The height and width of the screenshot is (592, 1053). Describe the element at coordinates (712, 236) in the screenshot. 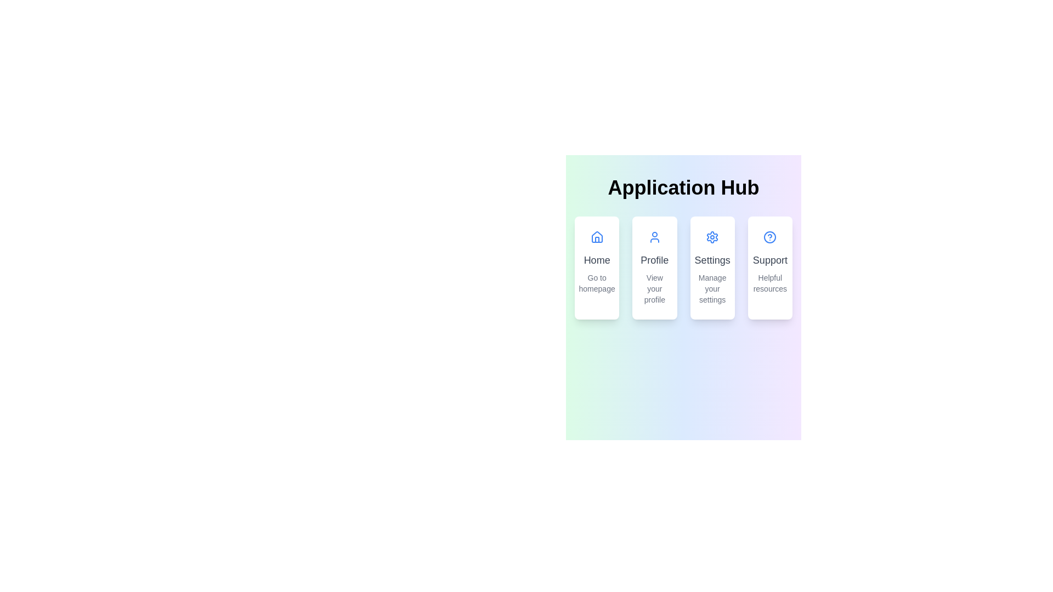

I see `the gear-shaped settings icon located in the third column of the main menu, above the text 'Settings' and 'Manage your settings'` at that location.